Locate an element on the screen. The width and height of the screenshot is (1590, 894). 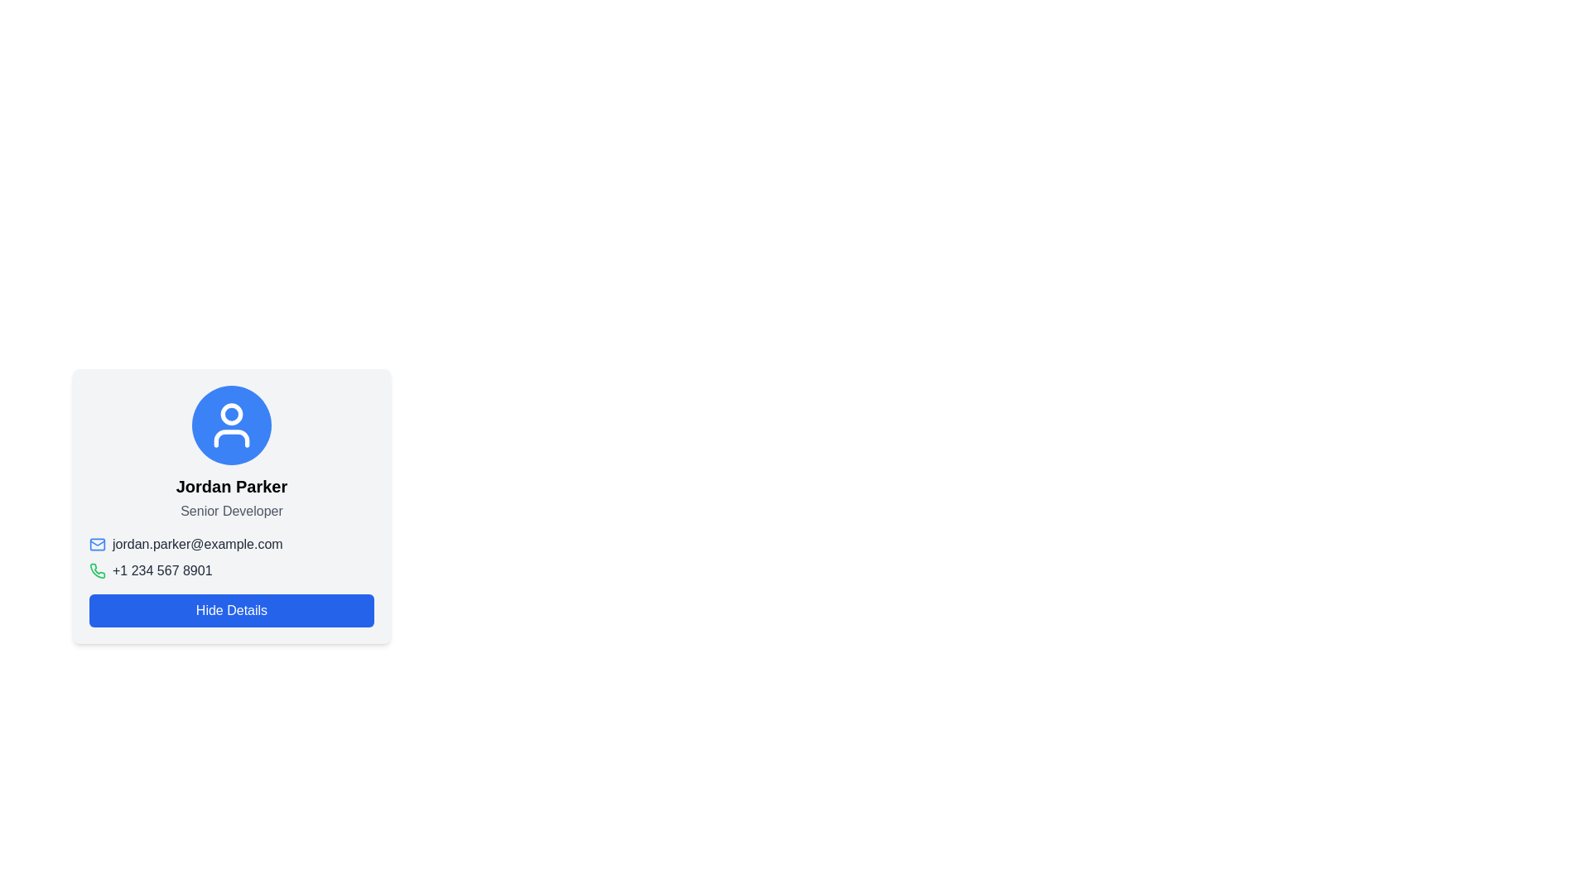
the green phone icon located next to the phone number '+1 234 567 8901' in the user's contact details section is located at coordinates (230, 558).